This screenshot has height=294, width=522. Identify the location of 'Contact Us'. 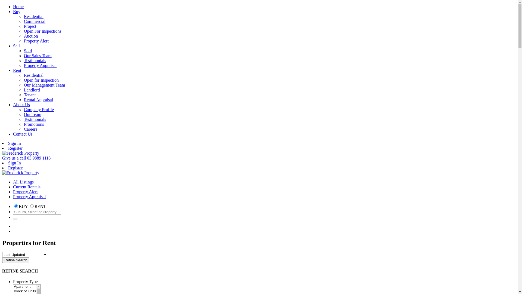
(22, 134).